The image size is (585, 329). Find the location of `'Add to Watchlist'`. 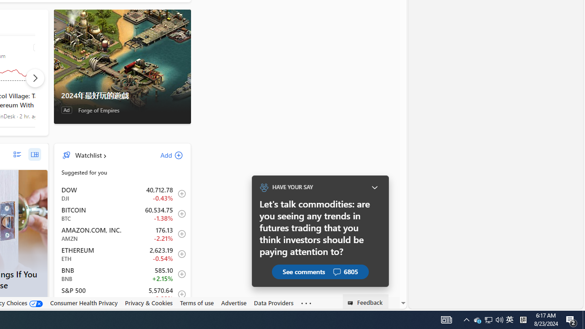

'Add to Watchlist' is located at coordinates (179, 294).